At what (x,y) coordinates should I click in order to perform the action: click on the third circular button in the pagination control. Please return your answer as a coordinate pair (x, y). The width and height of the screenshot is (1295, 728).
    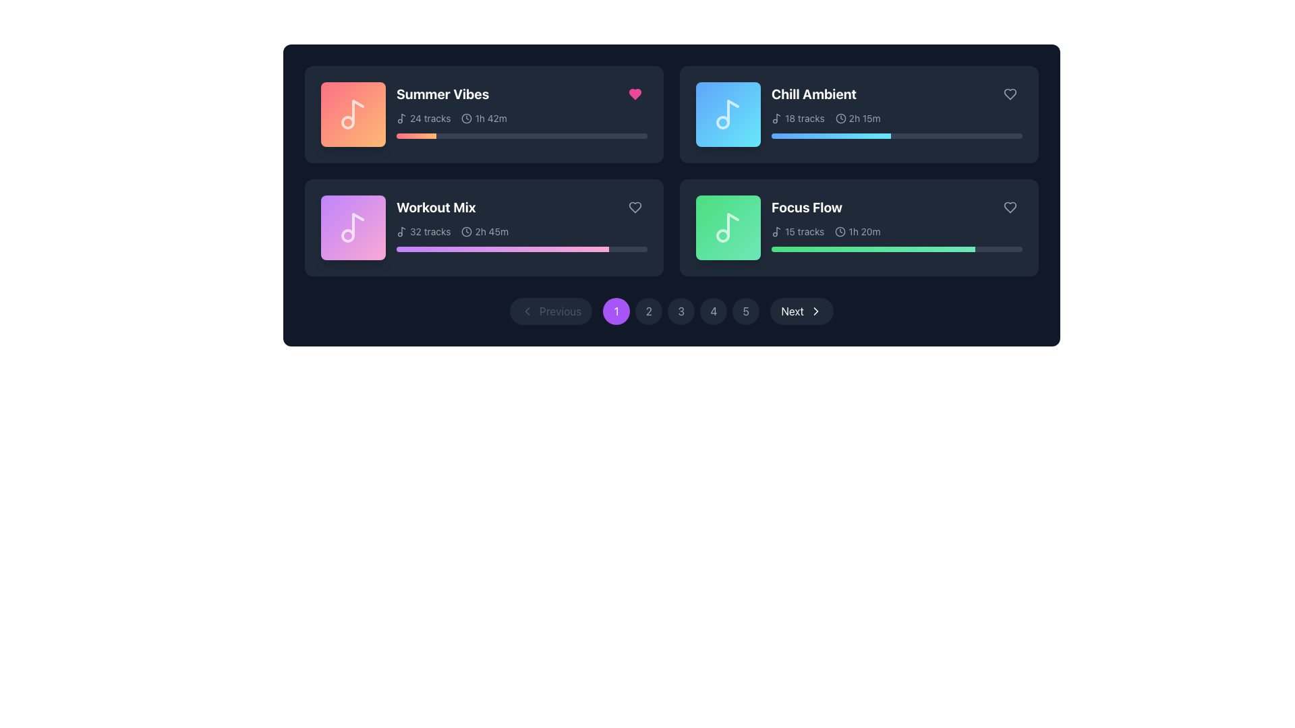
    Looking at the image, I should click on (681, 311).